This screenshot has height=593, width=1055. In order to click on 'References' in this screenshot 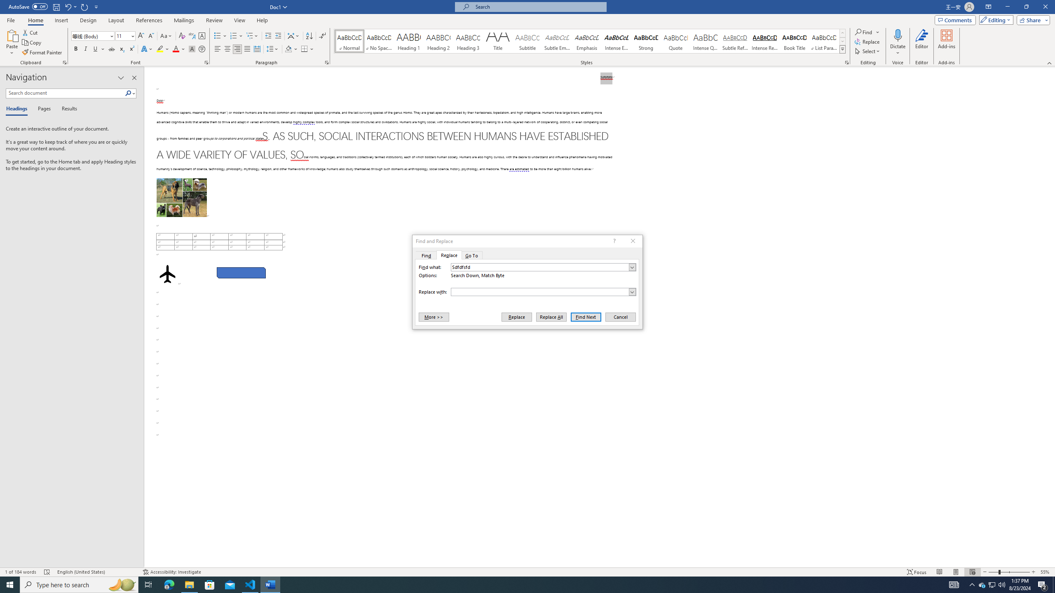, I will do `click(149, 20)`.